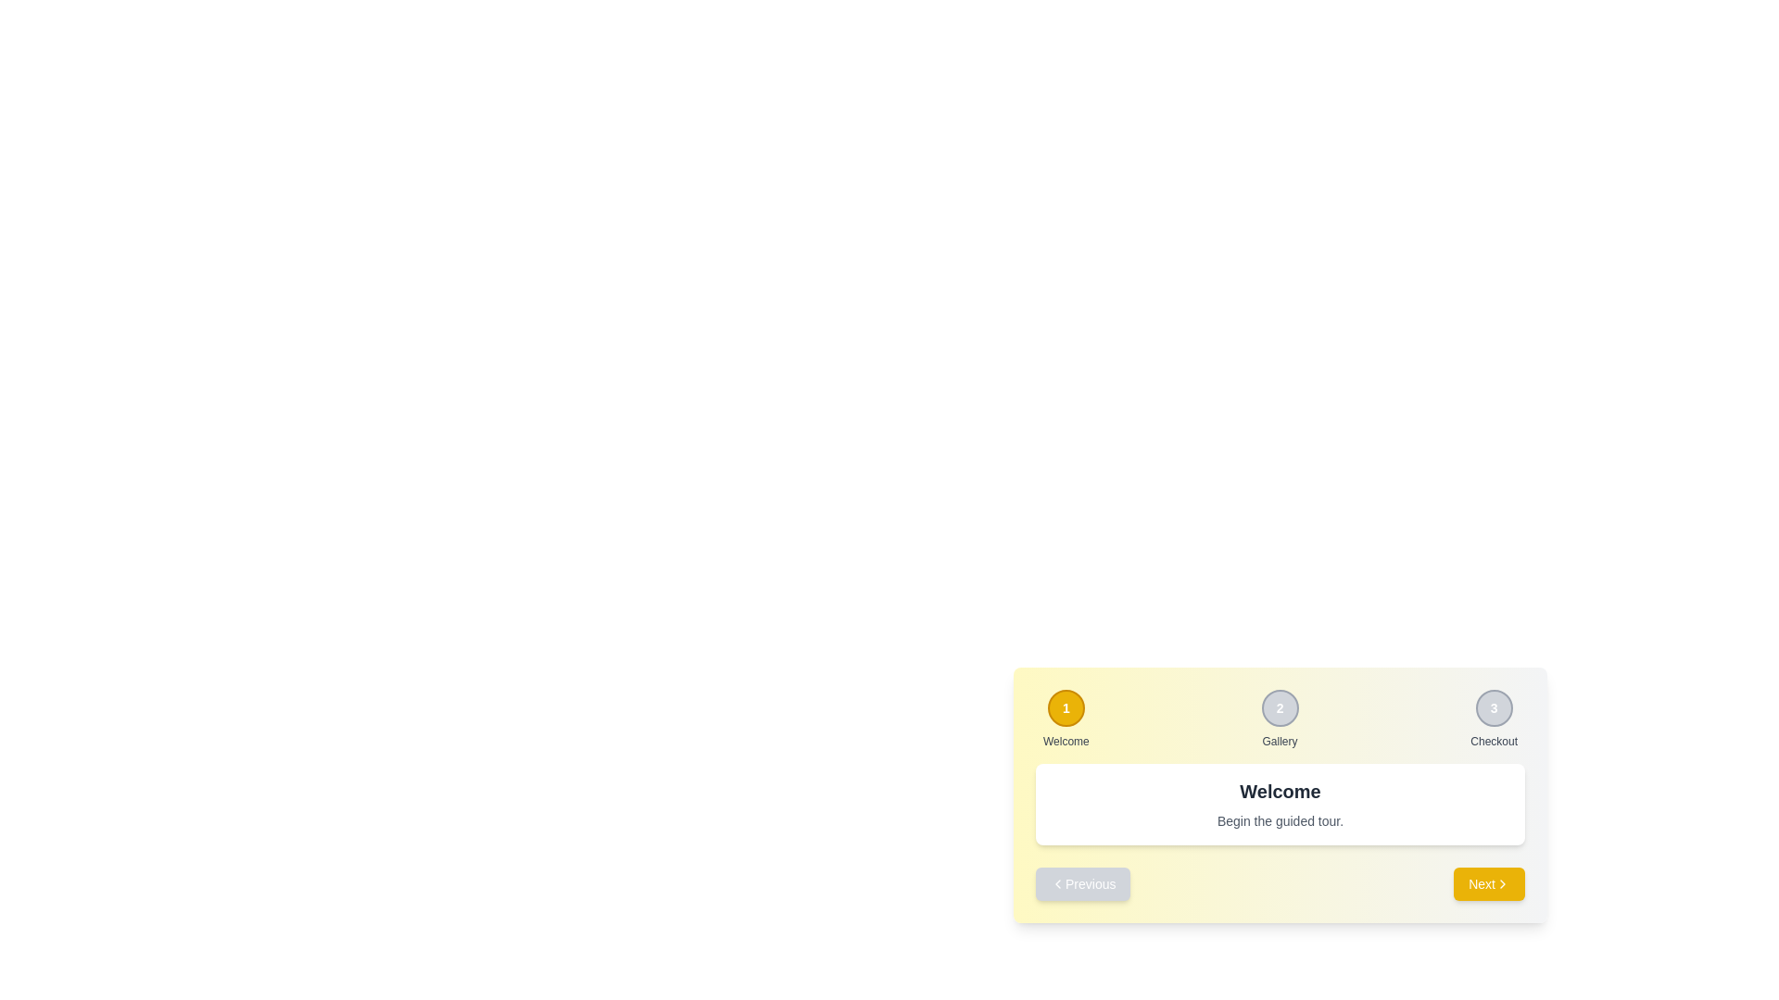 Image resolution: width=1779 pixels, height=1000 pixels. Describe the element at coordinates (1279, 741) in the screenshot. I see `the text label displaying 'Gallery' in small, gray font, which is centered below the rounded icon labeled '2'` at that location.